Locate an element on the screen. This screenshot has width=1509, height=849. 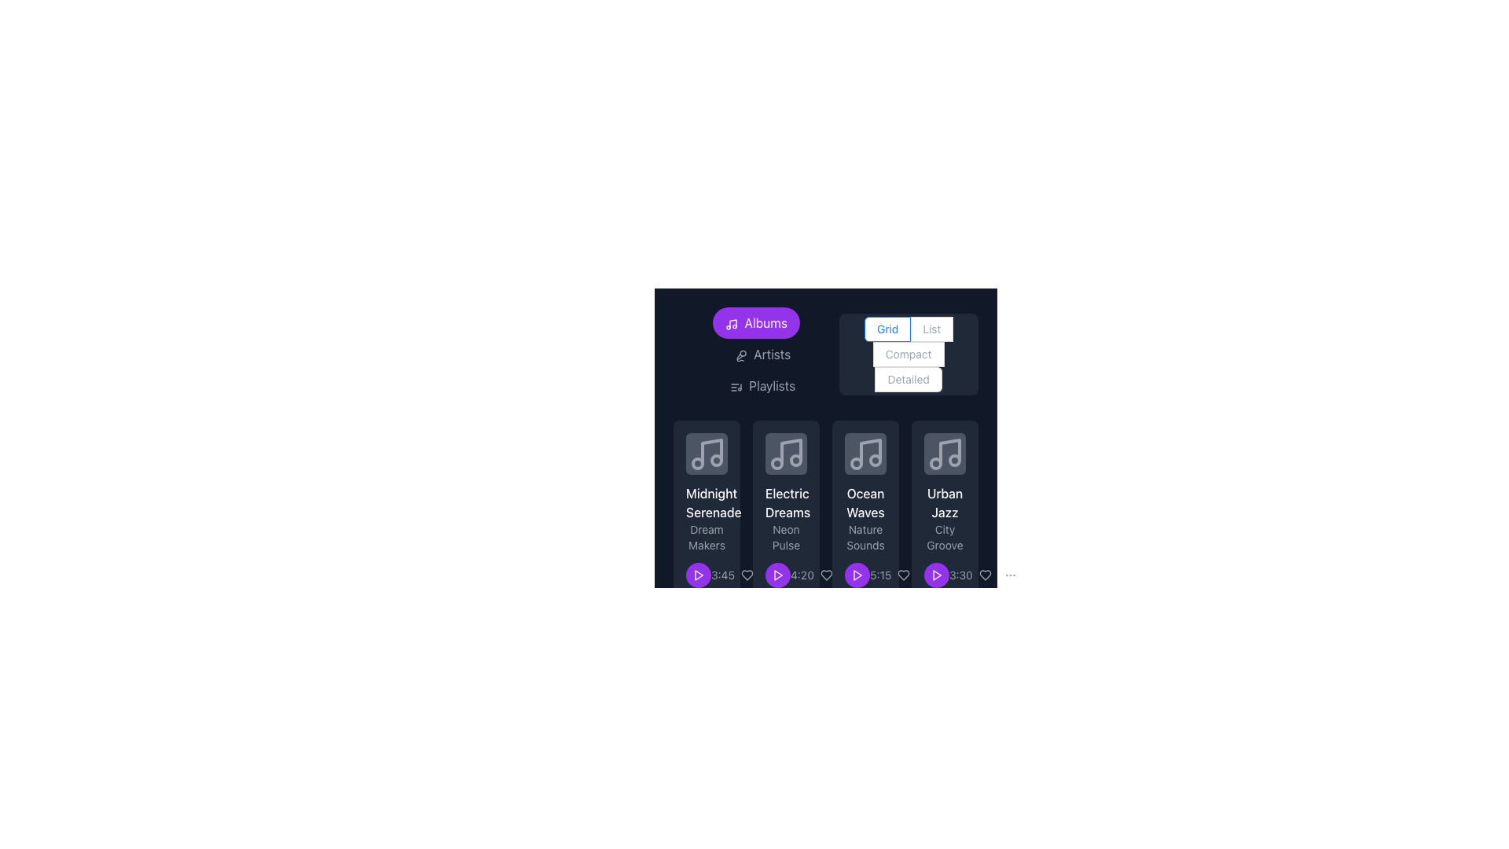
the play icon triangle embedded in the button with a purple circular background, located below the second album thumbnail titled 'Electric Dreams' is located at coordinates (778, 575).